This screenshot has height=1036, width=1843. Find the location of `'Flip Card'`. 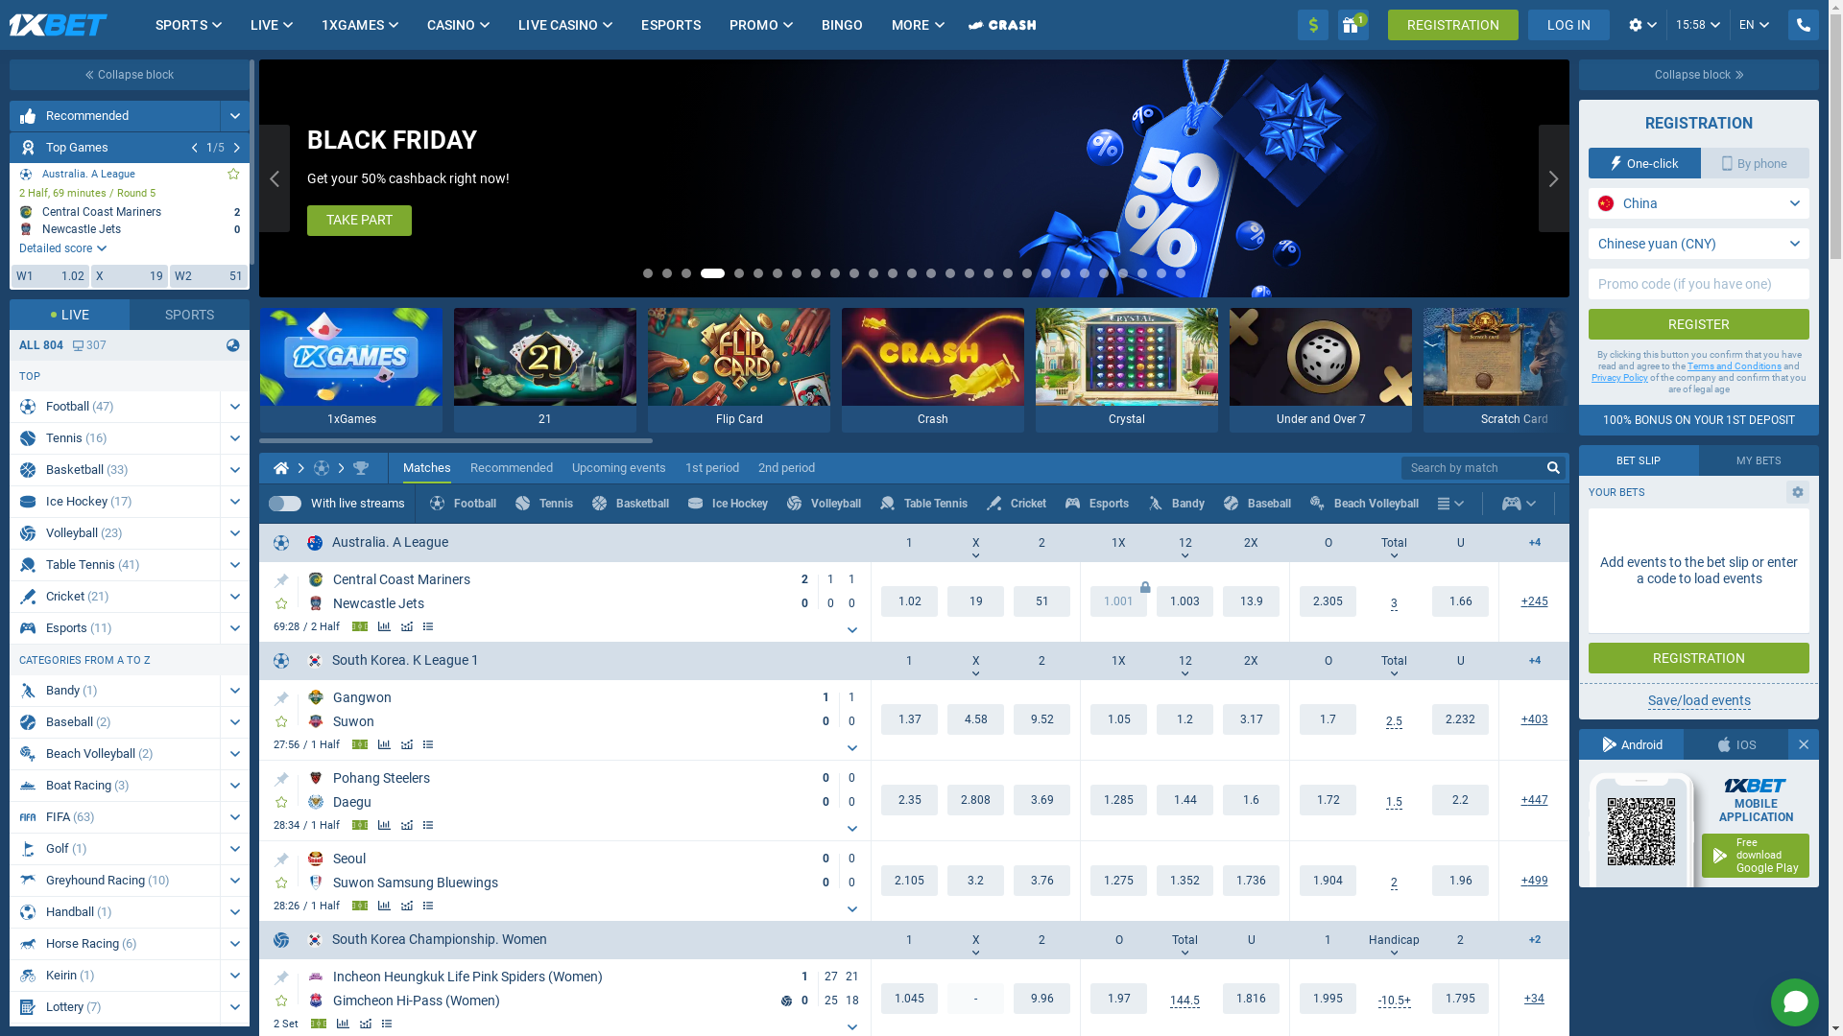

'Flip Card' is located at coordinates (737, 369).